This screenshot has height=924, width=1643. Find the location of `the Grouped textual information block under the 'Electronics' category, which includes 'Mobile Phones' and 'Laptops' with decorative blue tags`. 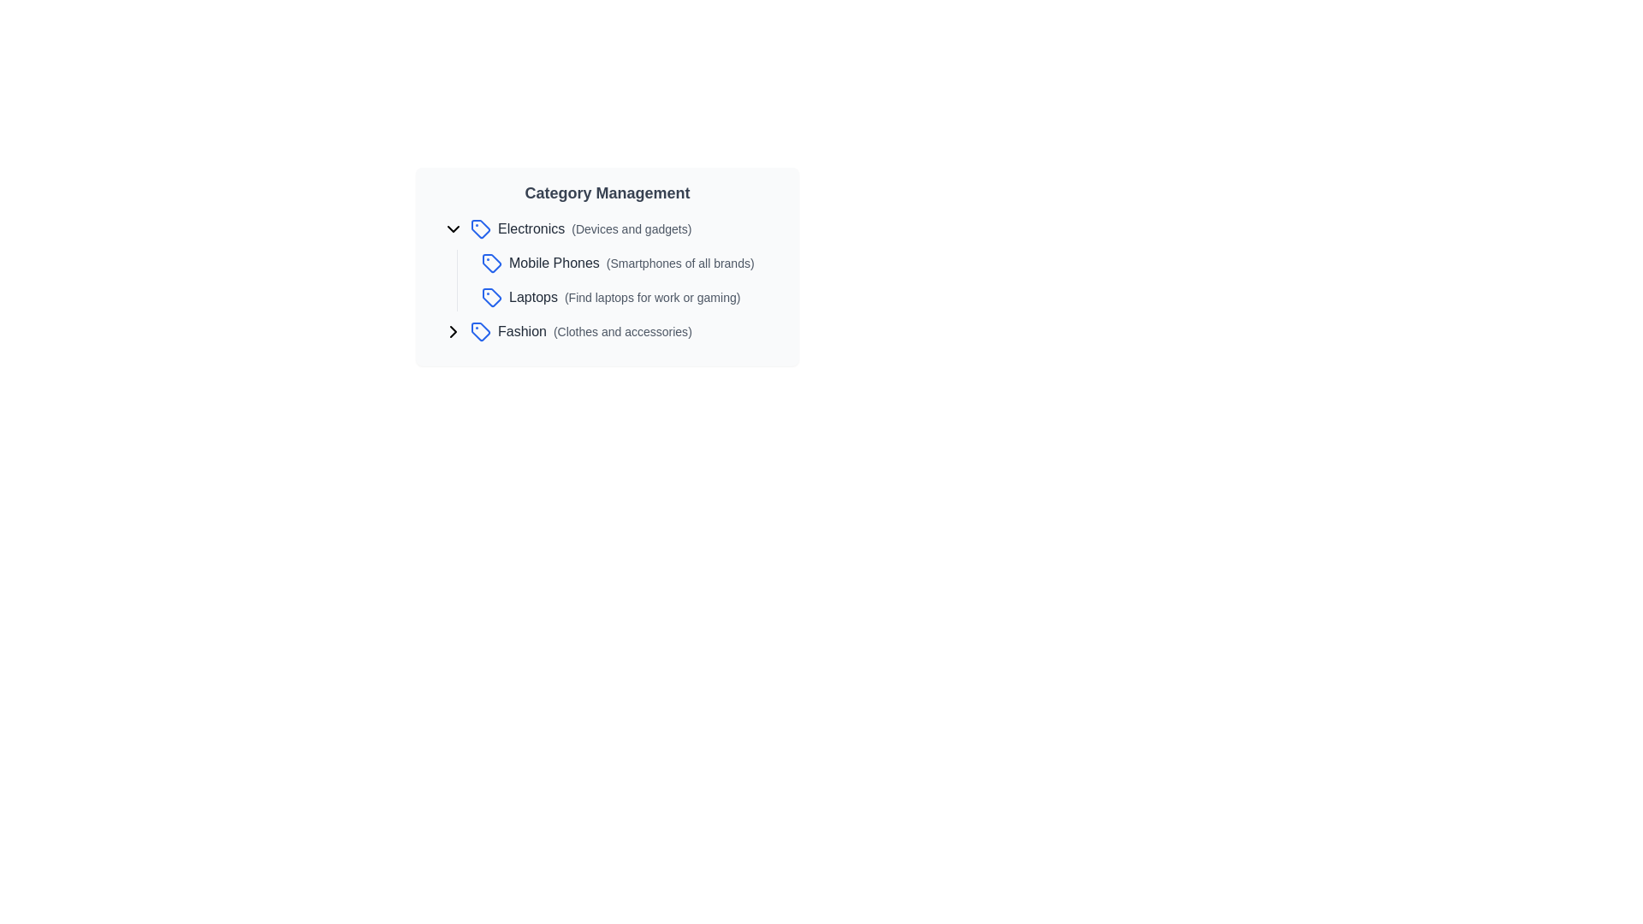

the Grouped textual information block under the 'Electronics' category, which includes 'Mobile Phones' and 'Laptops' with decorative blue tags is located at coordinates (632, 279).